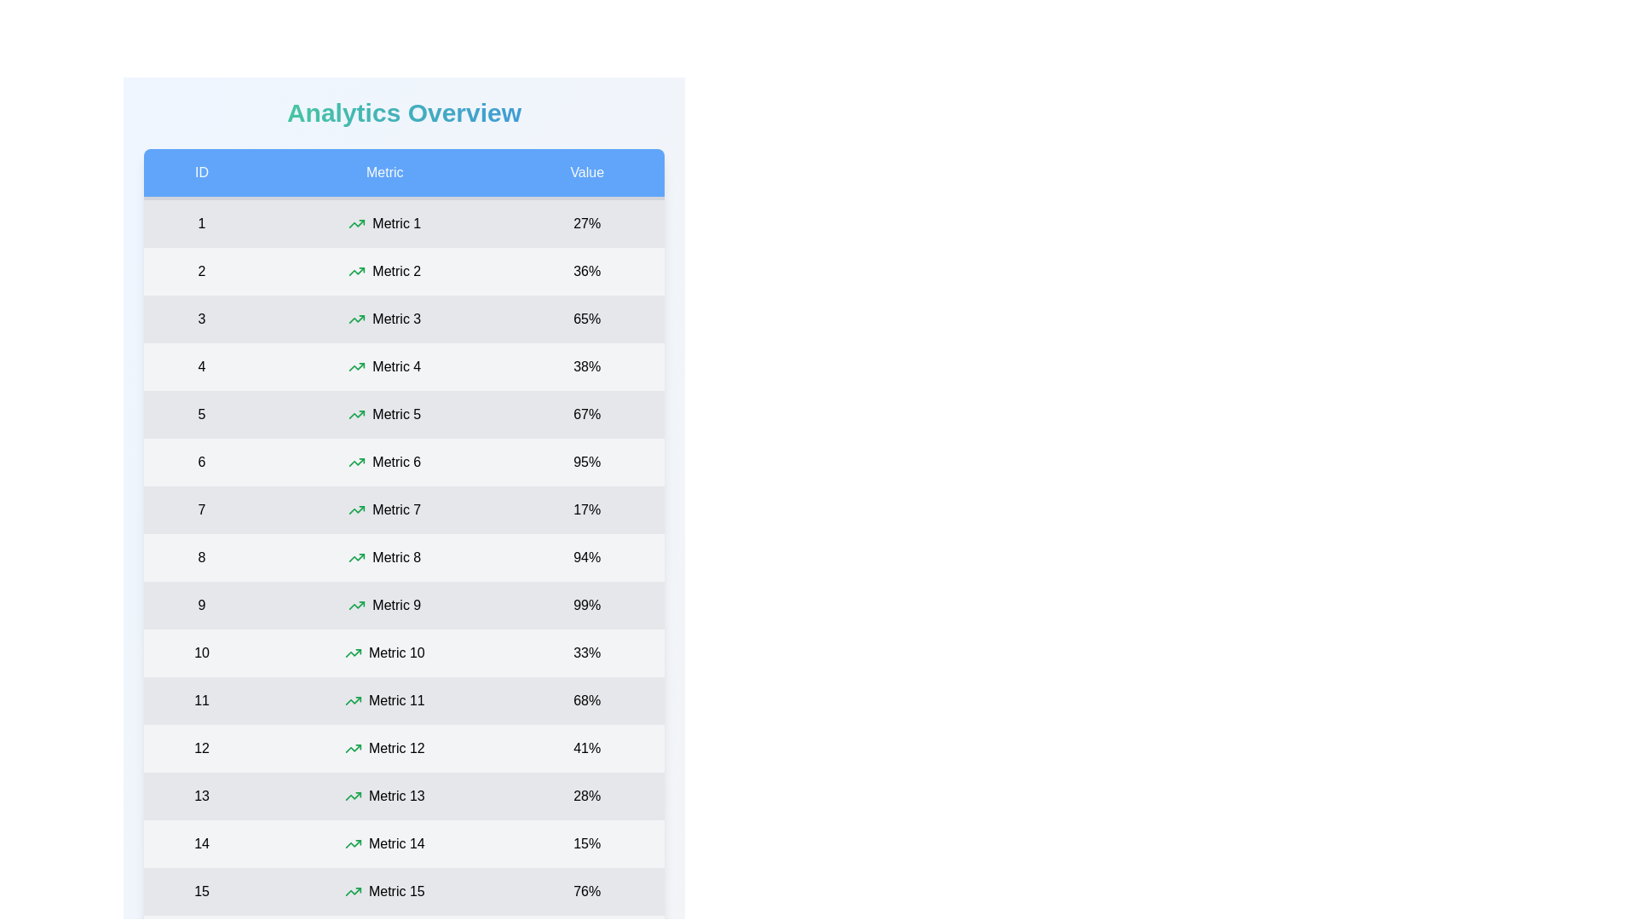  Describe the element at coordinates (383, 174) in the screenshot. I see `the column header 'Metric' to sort the table by that column` at that location.